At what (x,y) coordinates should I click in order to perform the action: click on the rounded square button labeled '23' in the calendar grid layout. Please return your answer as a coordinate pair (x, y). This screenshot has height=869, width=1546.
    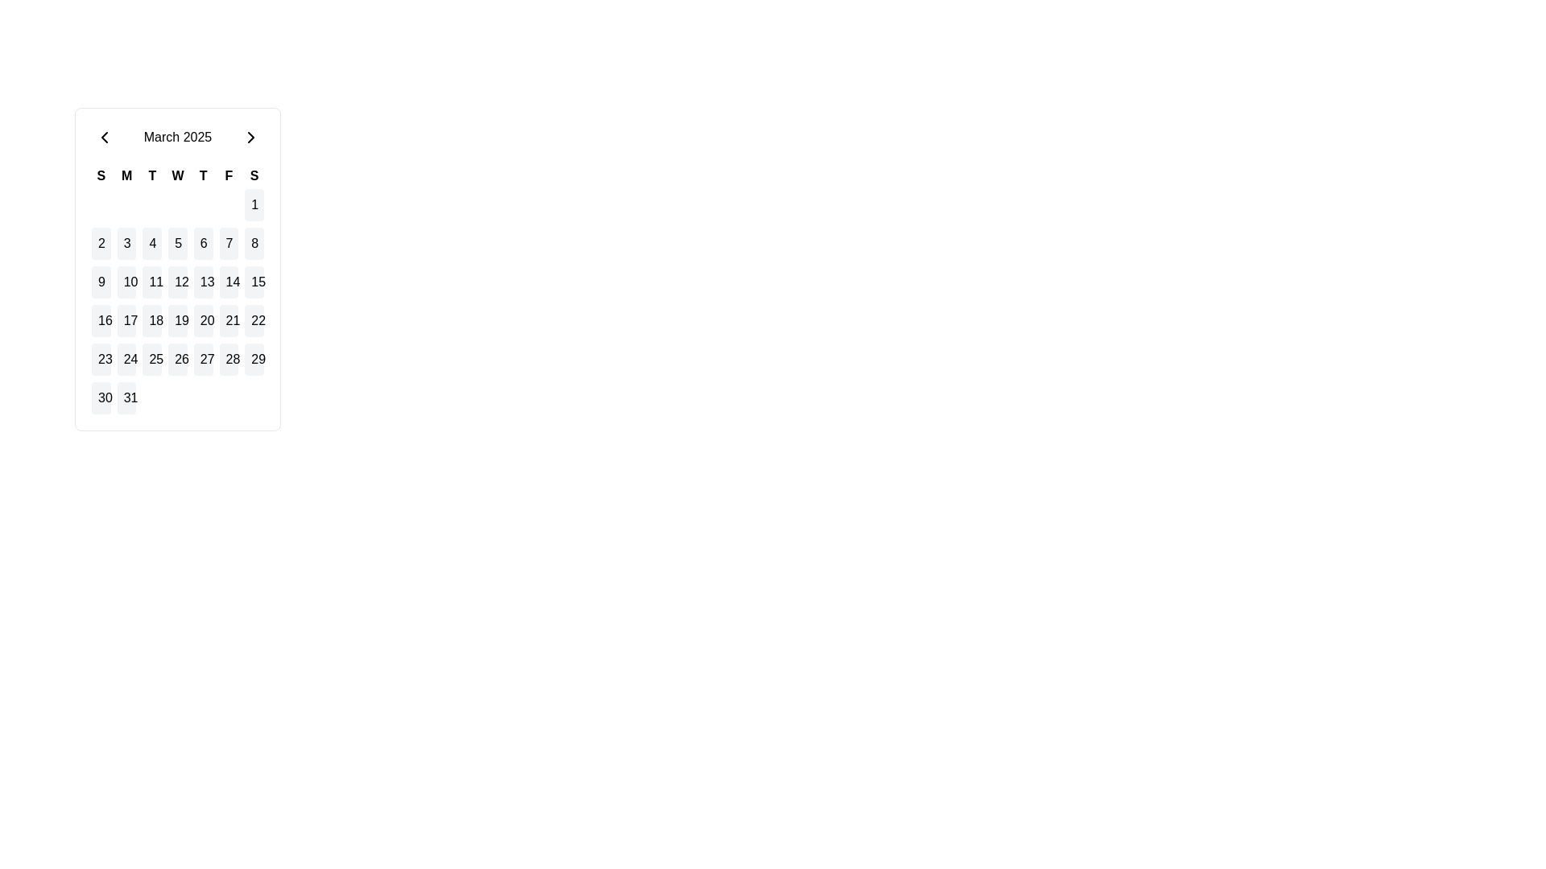
    Looking at the image, I should click on (100, 359).